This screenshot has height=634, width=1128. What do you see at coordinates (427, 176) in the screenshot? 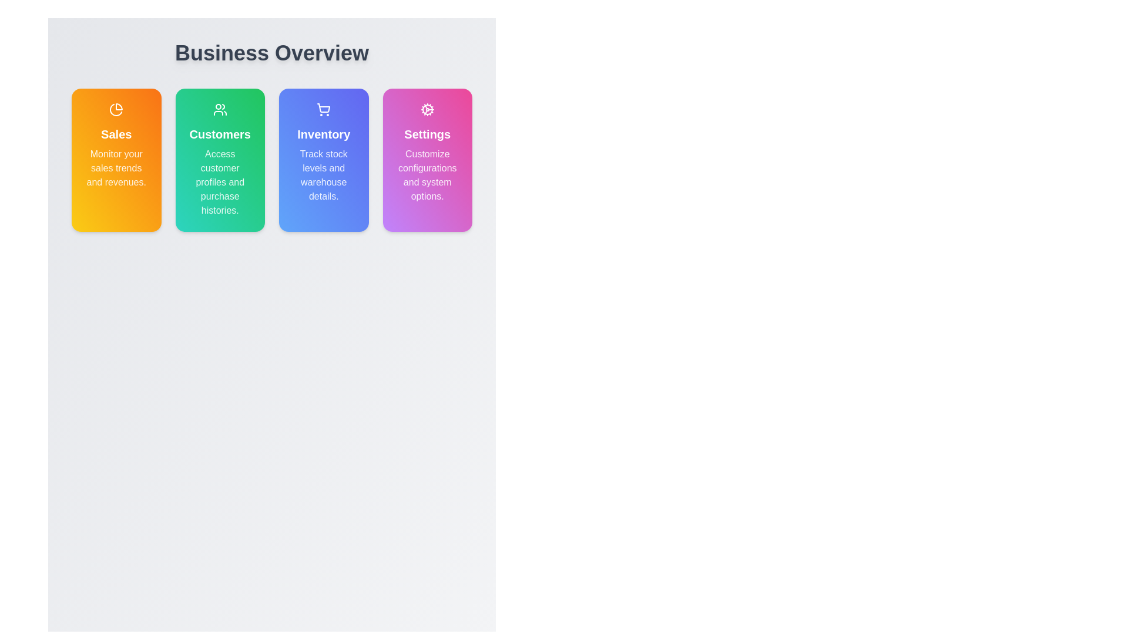
I see `descriptive text 'Customize configurations and system options' located within the fourth card in a group of four horizontal cards, centered under the heading 'Settings'` at bounding box center [427, 176].